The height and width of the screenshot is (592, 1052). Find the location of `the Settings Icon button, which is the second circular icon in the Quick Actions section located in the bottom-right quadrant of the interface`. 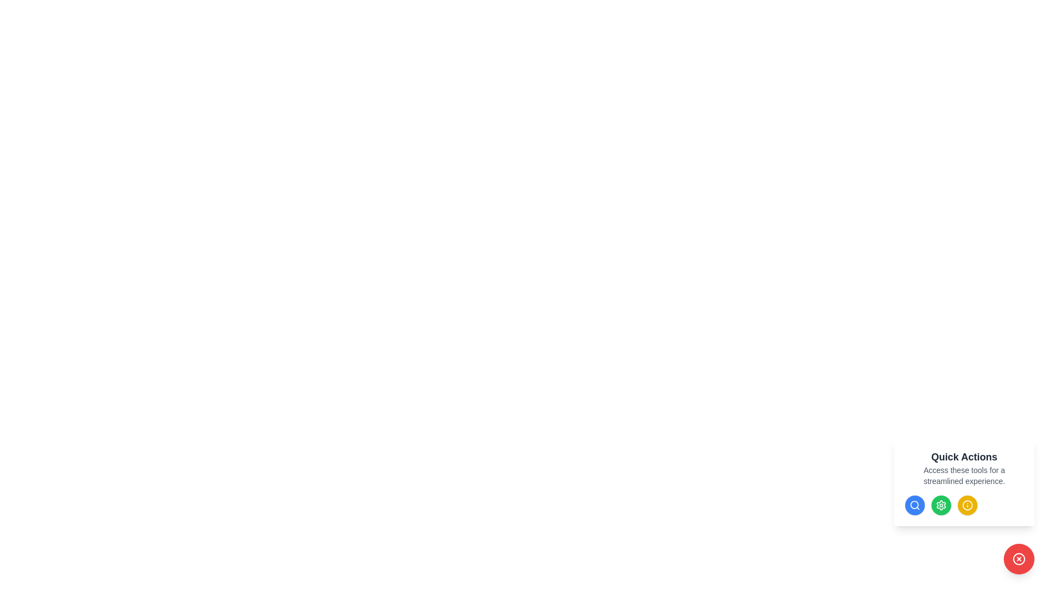

the Settings Icon button, which is the second circular icon in the Quick Actions section located in the bottom-right quadrant of the interface is located at coordinates (941, 505).